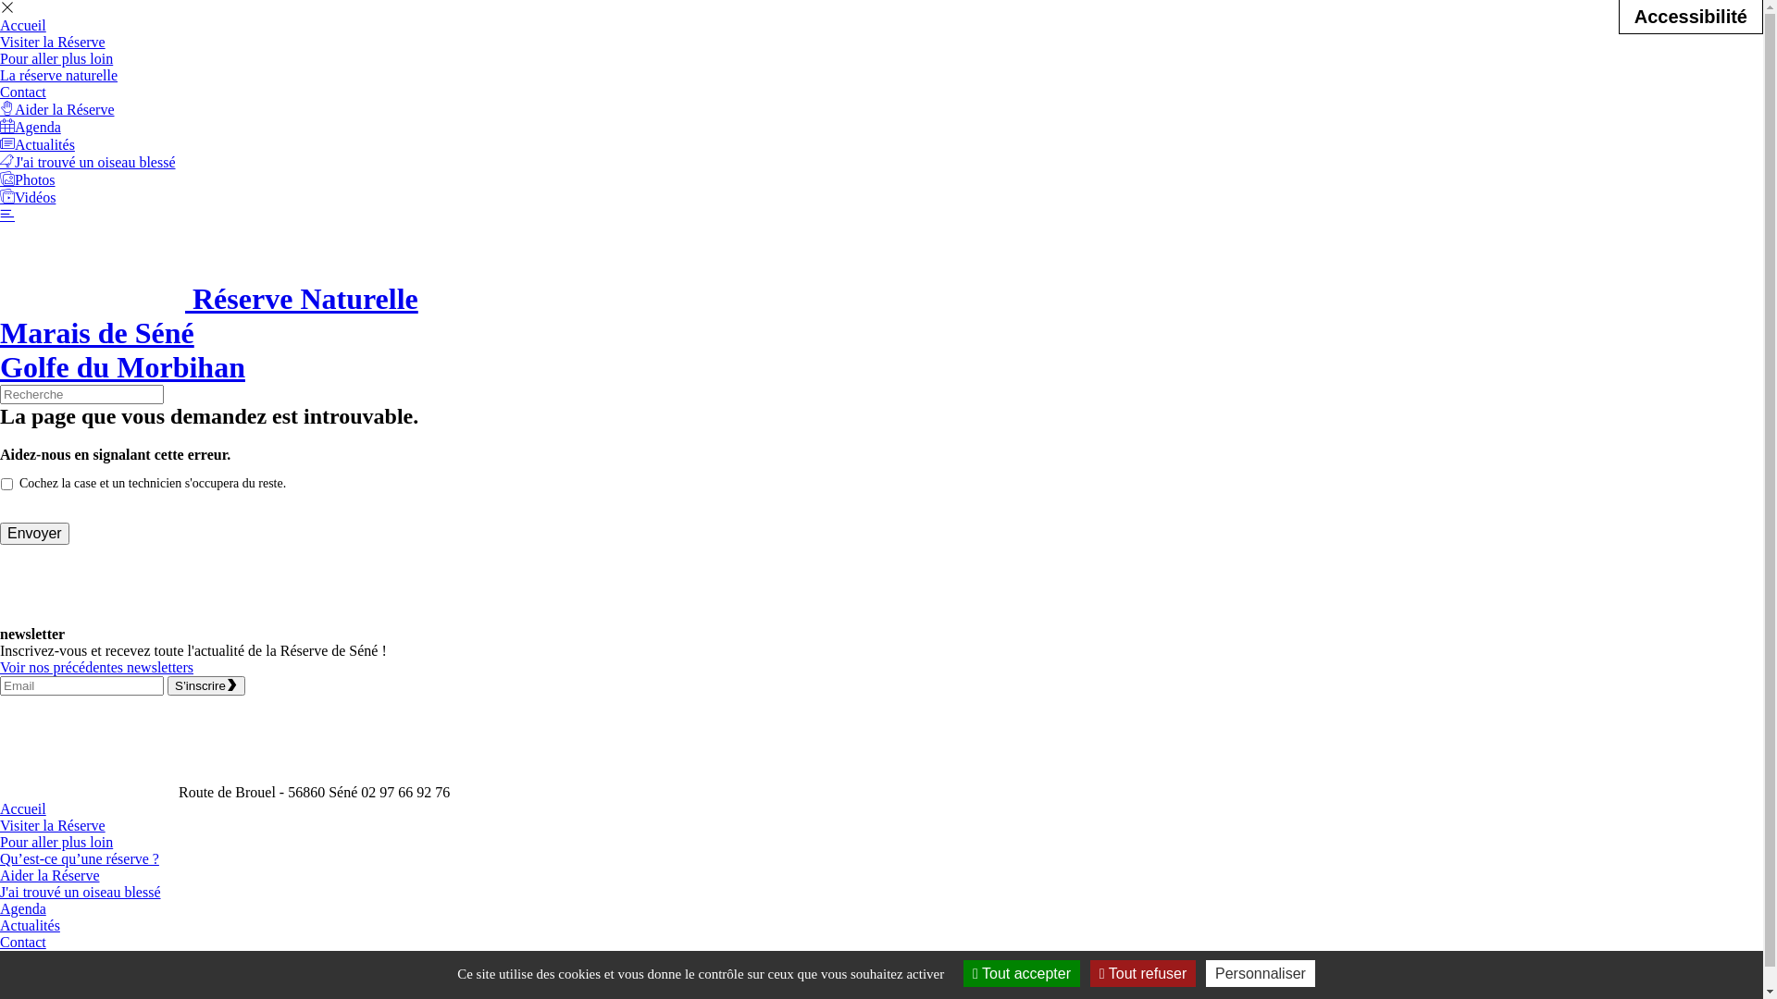 Image resolution: width=1777 pixels, height=999 pixels. I want to click on 'Agenda', so click(31, 126).